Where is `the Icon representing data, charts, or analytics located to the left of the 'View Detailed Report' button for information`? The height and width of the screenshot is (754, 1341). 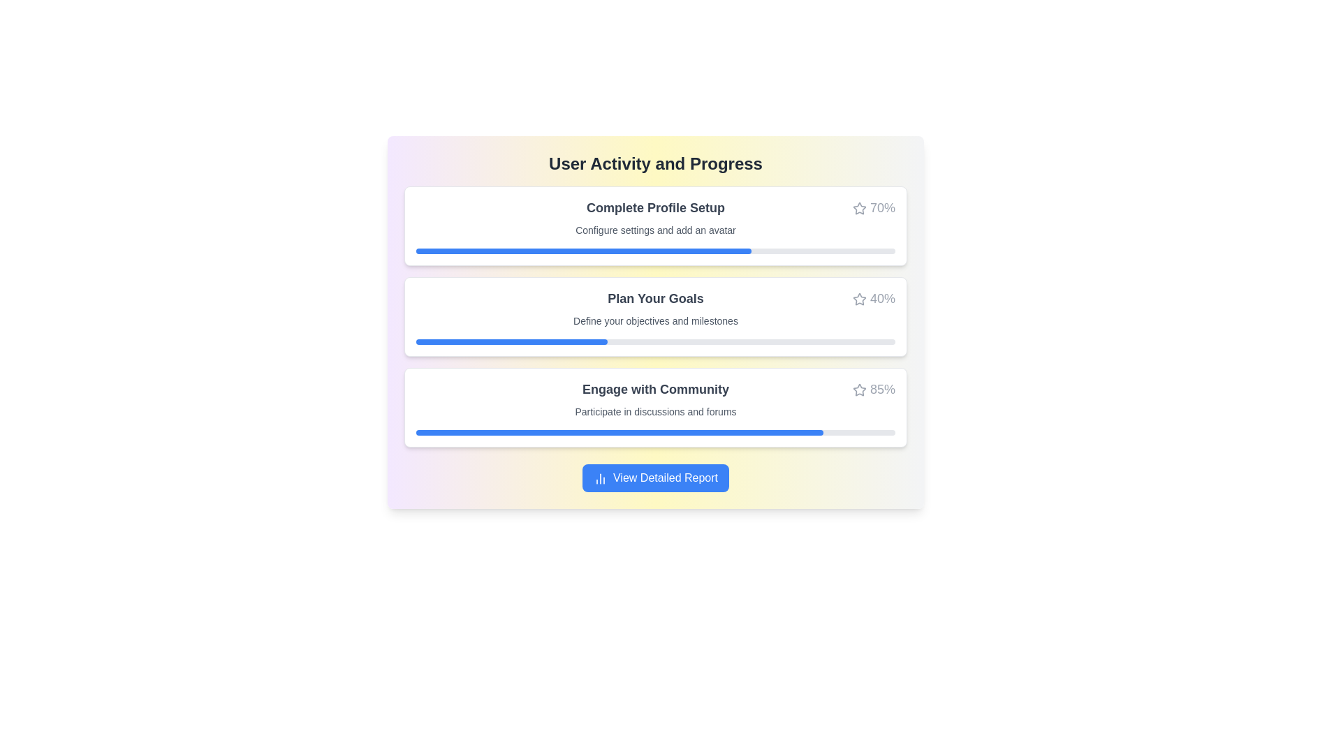 the Icon representing data, charts, or analytics located to the left of the 'View Detailed Report' button for information is located at coordinates (600, 478).